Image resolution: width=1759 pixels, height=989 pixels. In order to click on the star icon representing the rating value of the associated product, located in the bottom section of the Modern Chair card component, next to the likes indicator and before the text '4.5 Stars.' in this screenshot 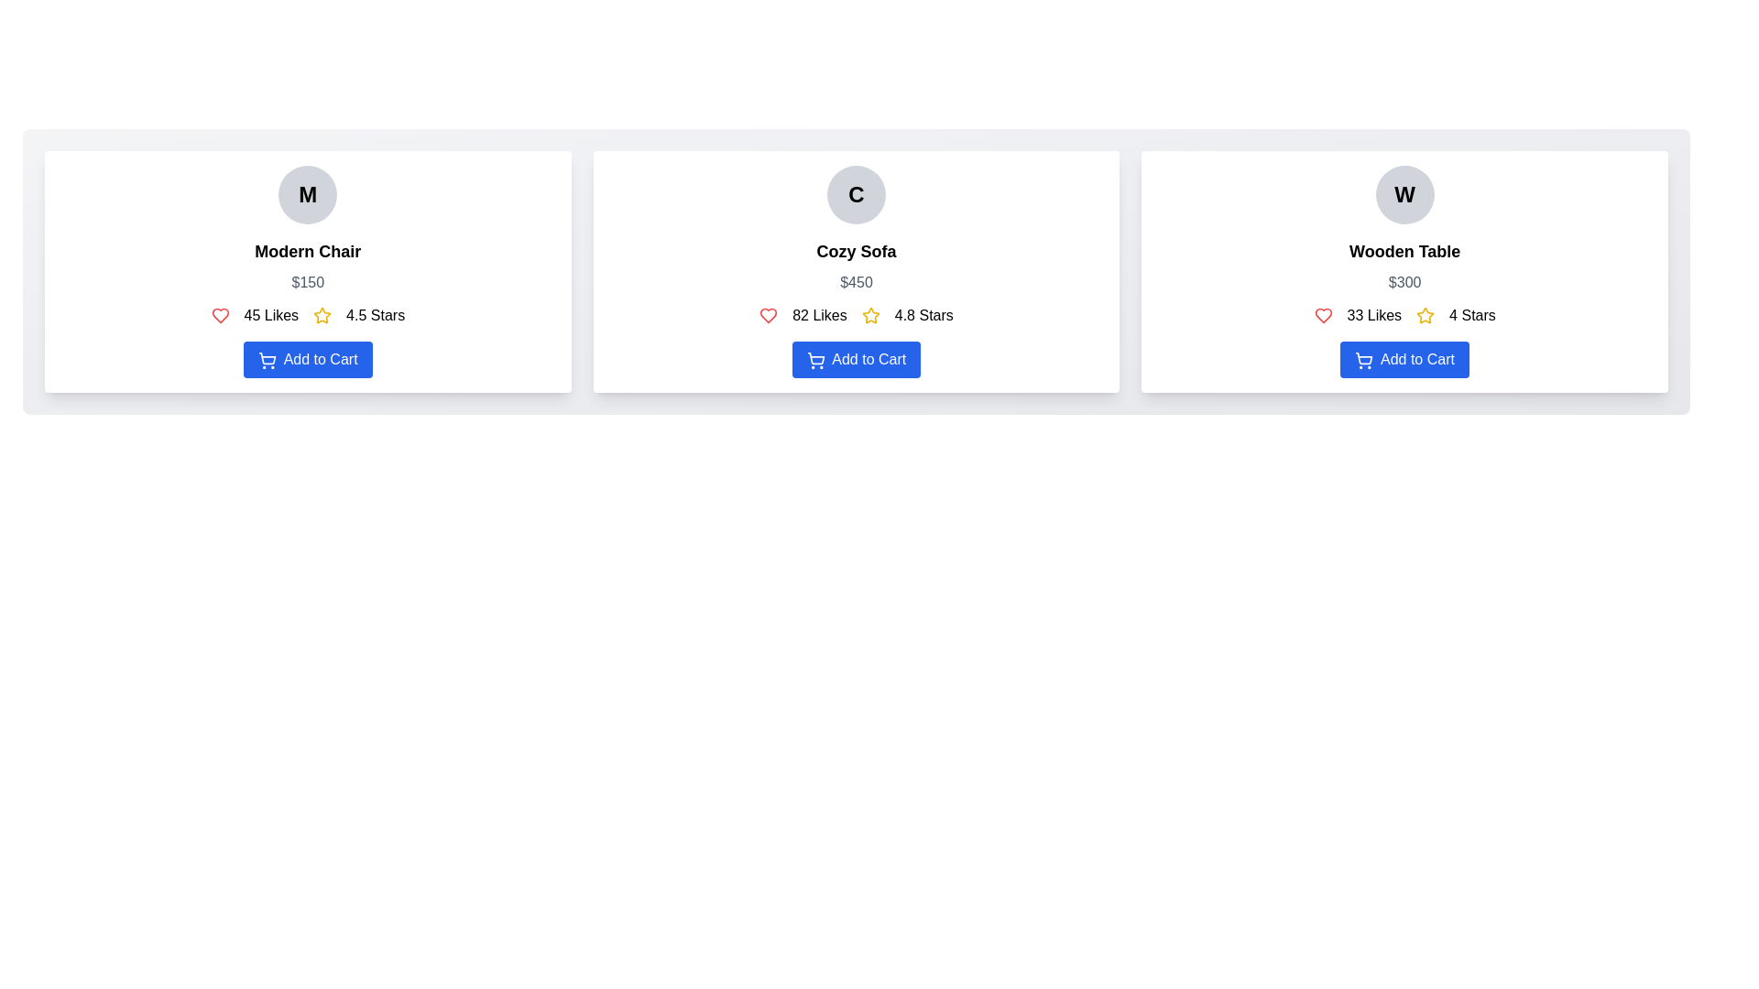, I will do `click(322, 314)`.